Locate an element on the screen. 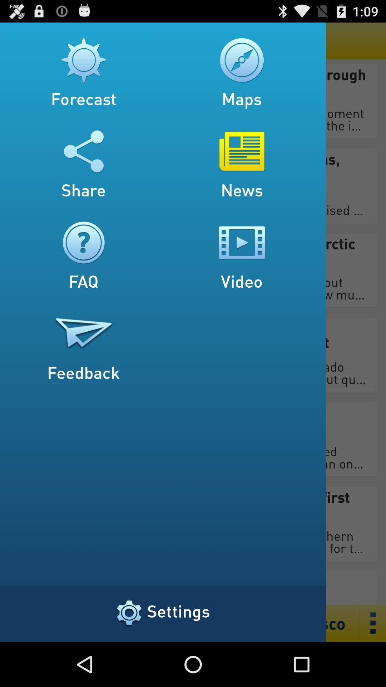 The height and width of the screenshot is (687, 386). the more icon is located at coordinates (373, 667).